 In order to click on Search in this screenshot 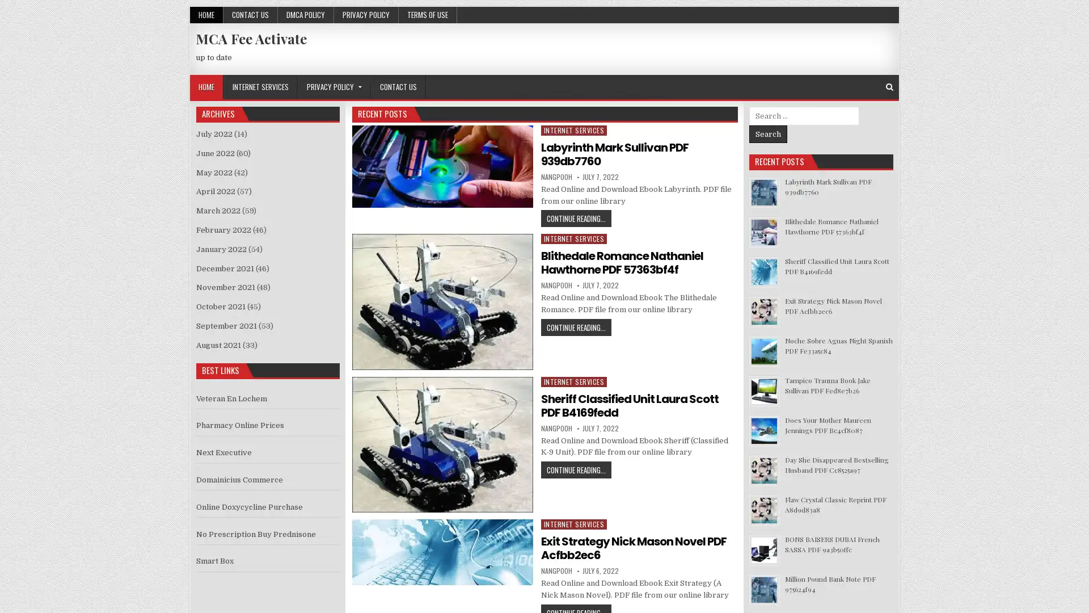, I will do `click(768, 133)`.